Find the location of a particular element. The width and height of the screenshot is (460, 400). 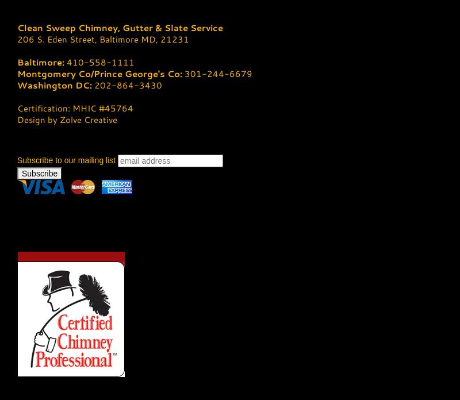

'Subscribe to our mailing list' is located at coordinates (17, 159).